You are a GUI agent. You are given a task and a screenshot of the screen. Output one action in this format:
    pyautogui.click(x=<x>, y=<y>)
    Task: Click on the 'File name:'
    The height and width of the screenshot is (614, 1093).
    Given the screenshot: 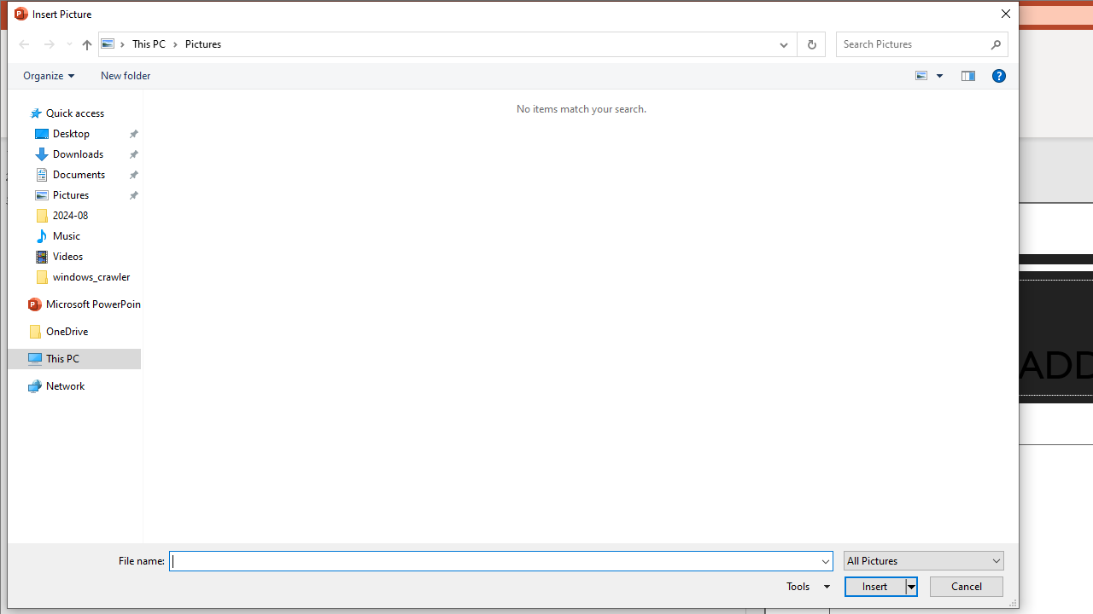 What is the action you would take?
    pyautogui.click(x=500, y=561)
    